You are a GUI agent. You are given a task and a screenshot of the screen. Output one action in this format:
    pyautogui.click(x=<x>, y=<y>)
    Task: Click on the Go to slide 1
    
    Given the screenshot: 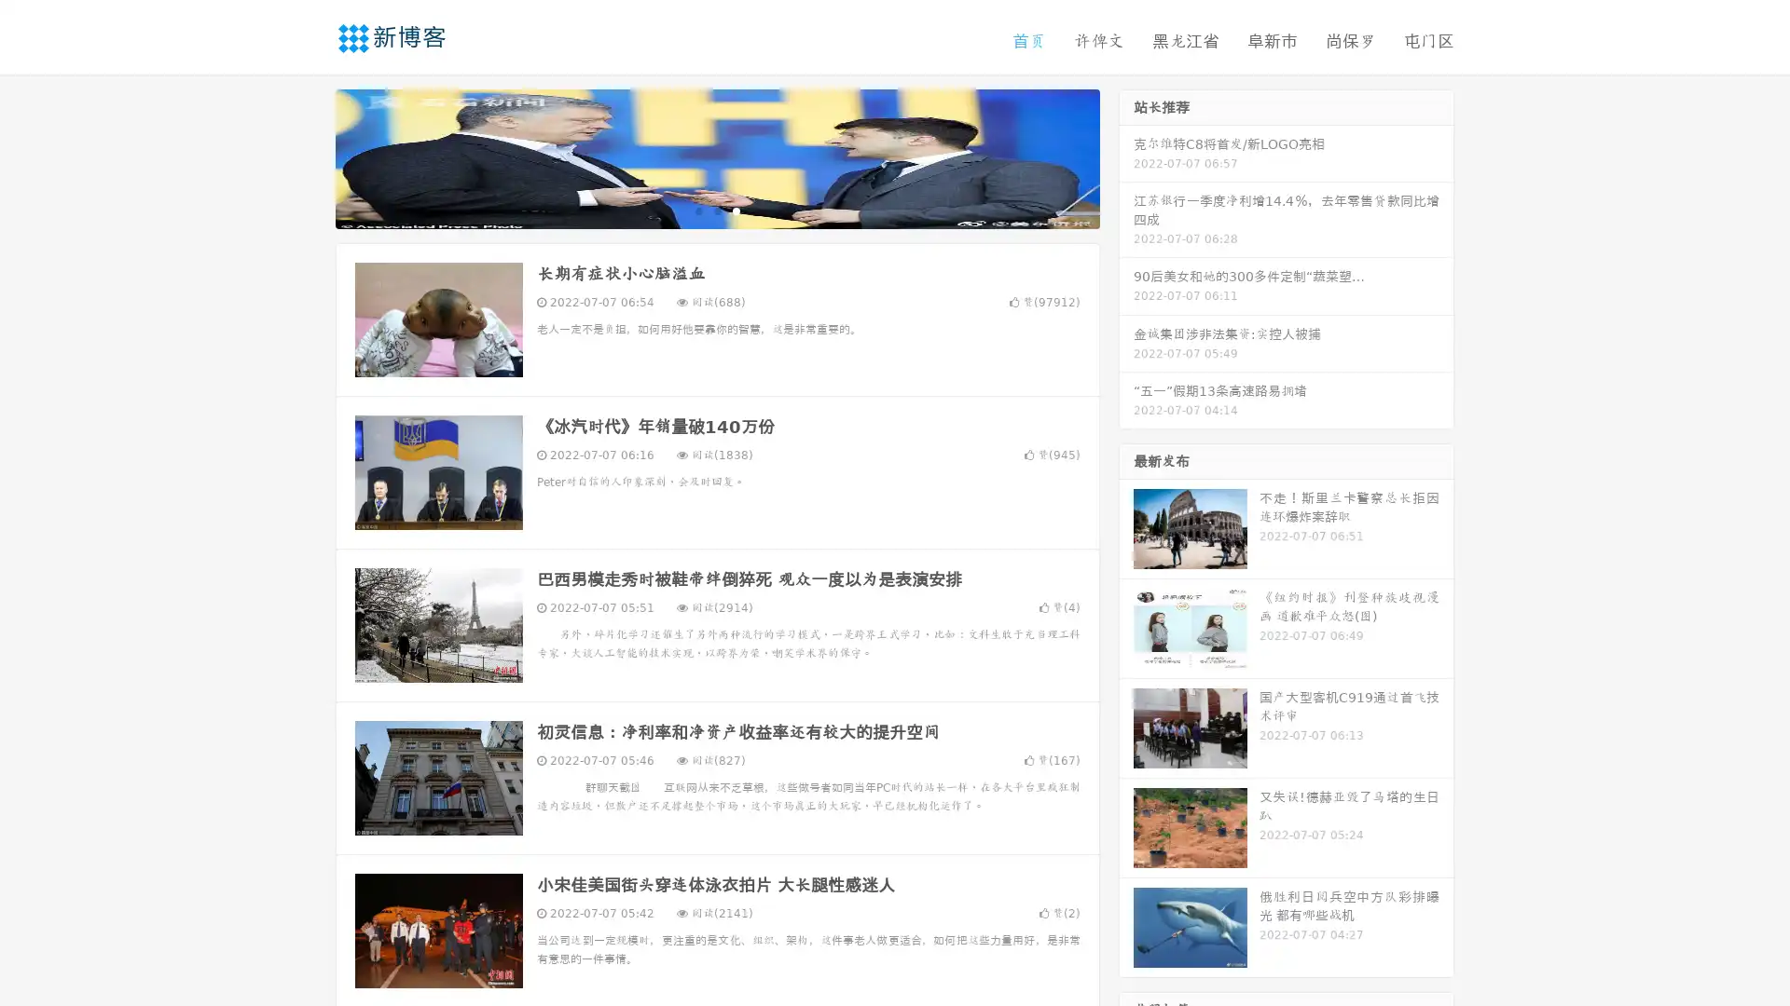 What is the action you would take?
    pyautogui.click(x=697, y=210)
    